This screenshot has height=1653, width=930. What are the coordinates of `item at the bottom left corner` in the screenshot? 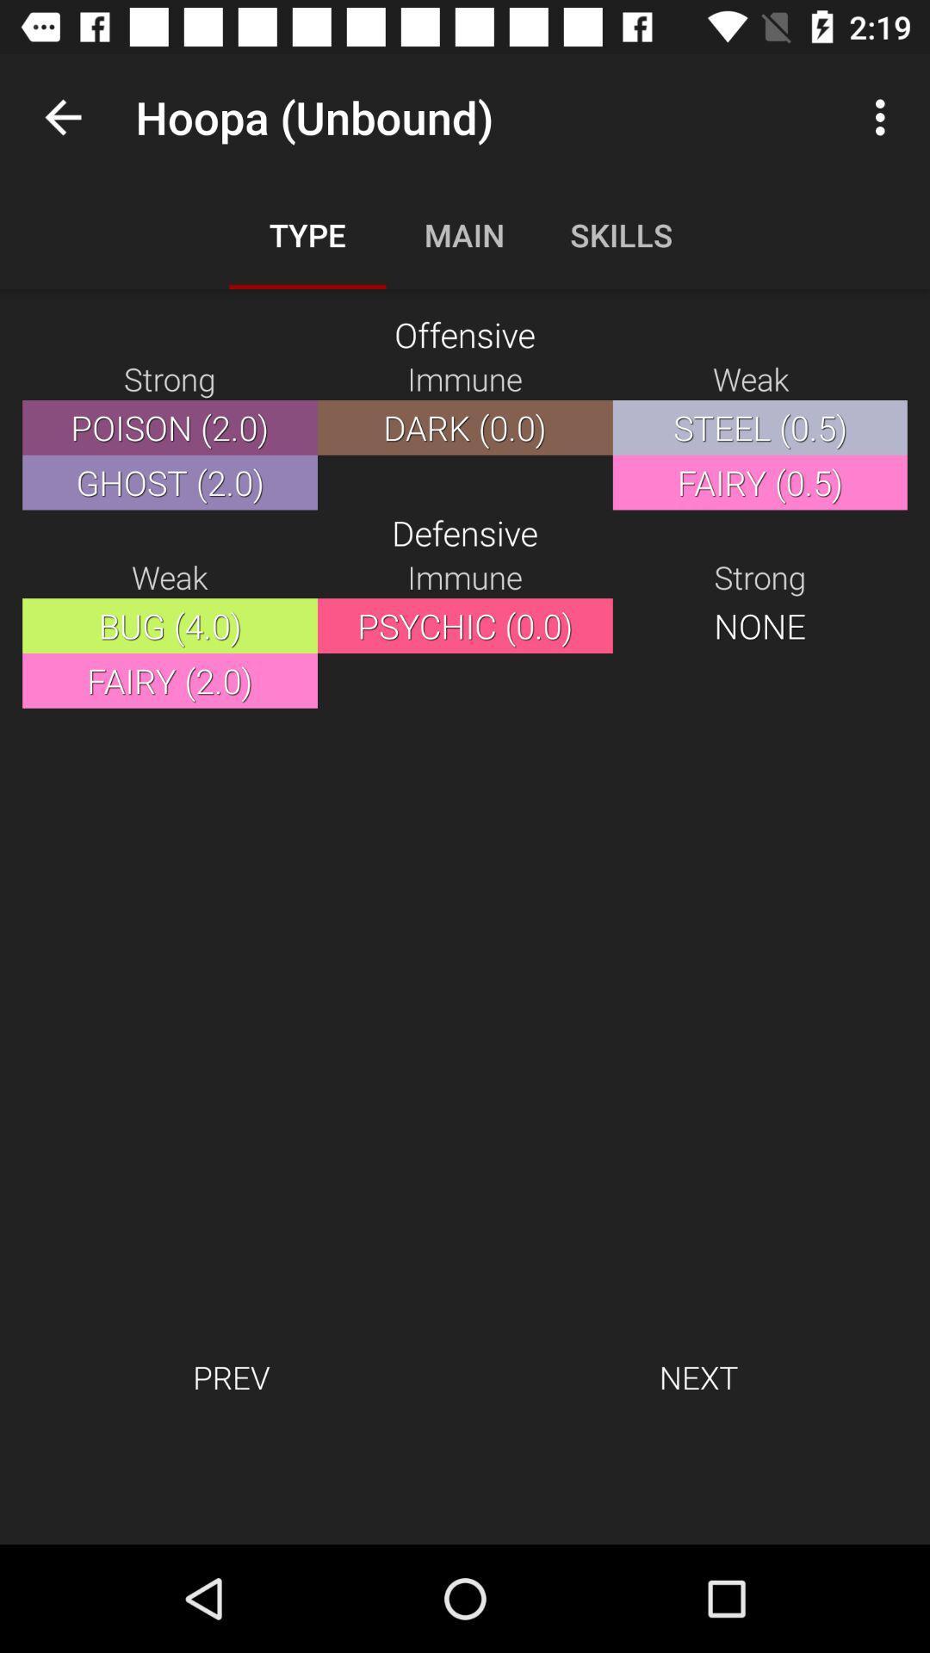 It's located at (230, 1376).